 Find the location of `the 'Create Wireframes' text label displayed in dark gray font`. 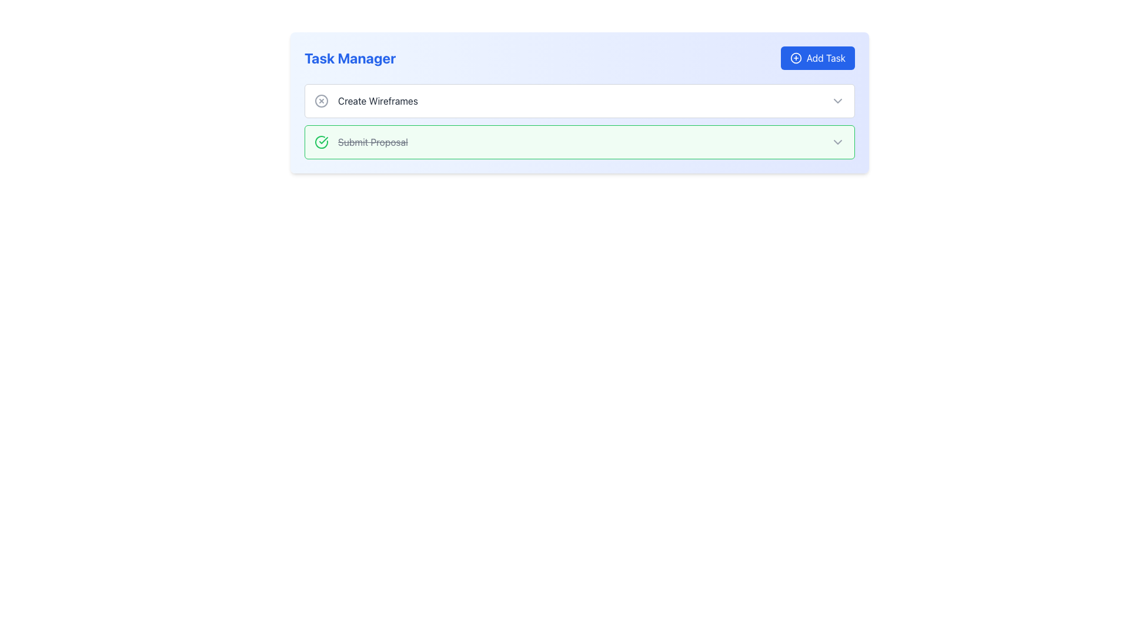

the 'Create Wireframes' text label displayed in dark gray font is located at coordinates (378, 101).